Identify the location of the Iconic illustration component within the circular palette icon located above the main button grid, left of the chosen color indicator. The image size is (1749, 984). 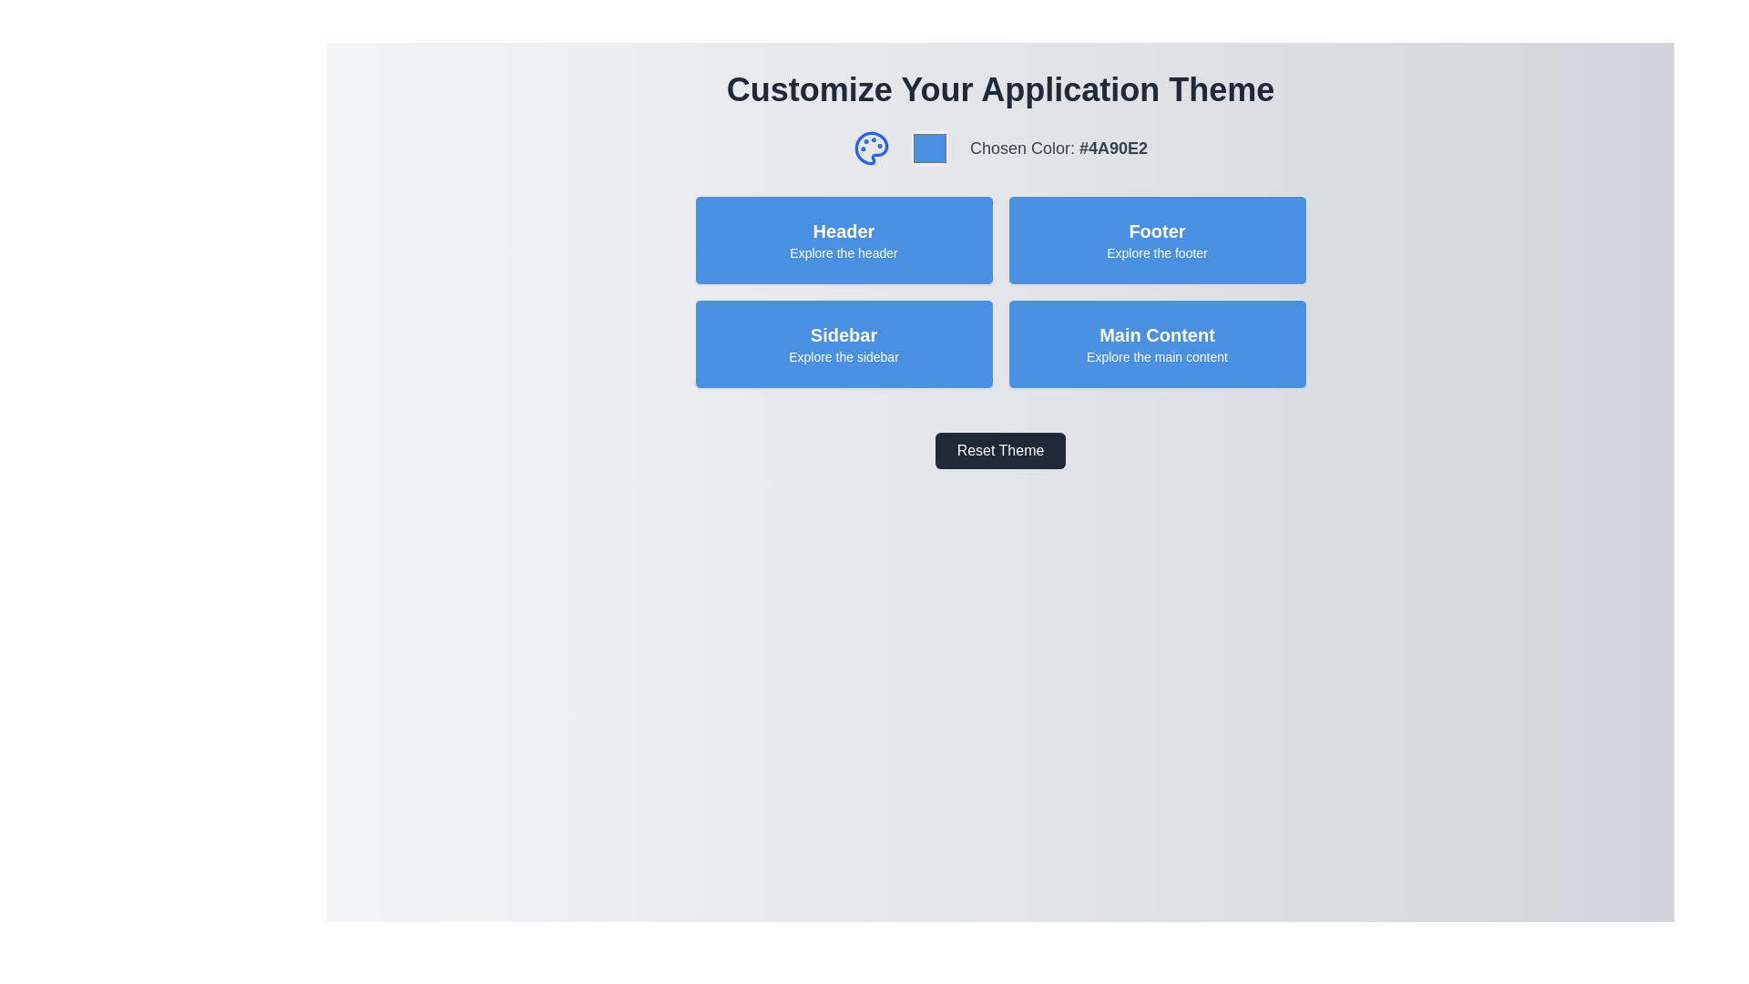
(870, 147).